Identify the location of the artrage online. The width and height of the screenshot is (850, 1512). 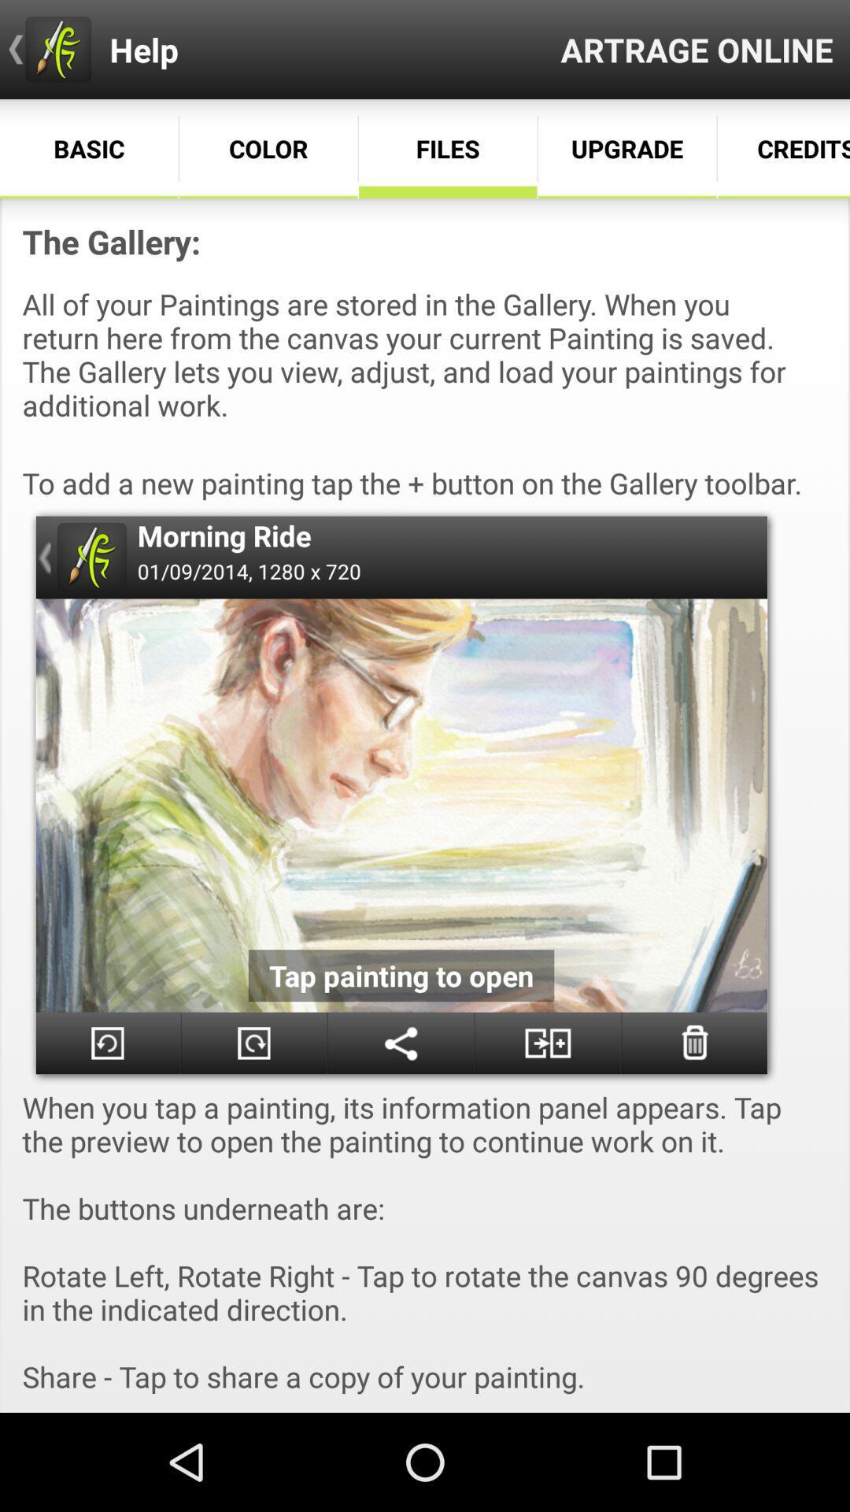
(696, 49).